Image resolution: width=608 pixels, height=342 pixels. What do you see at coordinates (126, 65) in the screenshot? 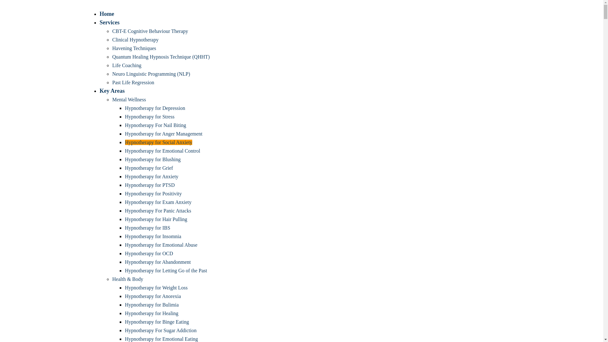
I see `'Life Coaching'` at bounding box center [126, 65].